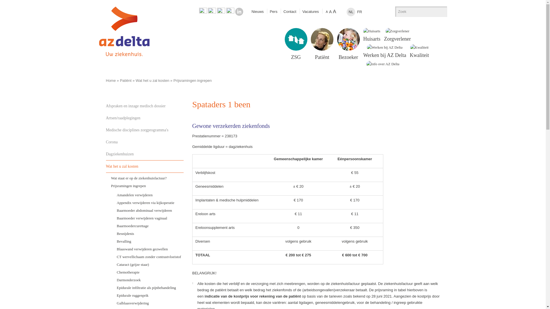 The height and width of the screenshot is (309, 550). I want to click on 'Contact', so click(290, 11).